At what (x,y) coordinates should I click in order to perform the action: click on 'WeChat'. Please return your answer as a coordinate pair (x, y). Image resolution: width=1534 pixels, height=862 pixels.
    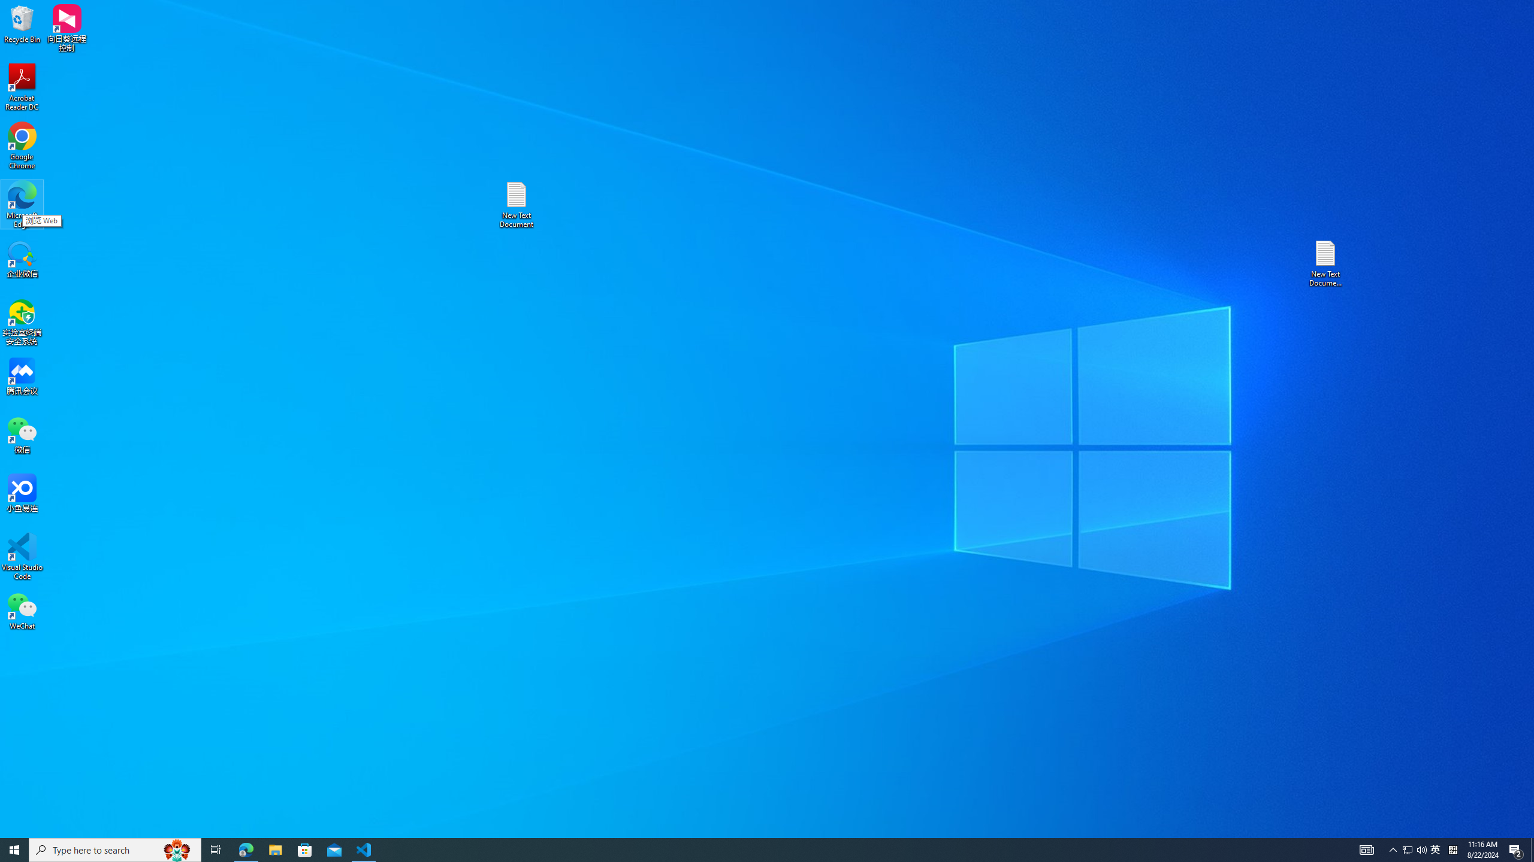
    Looking at the image, I should click on (22, 610).